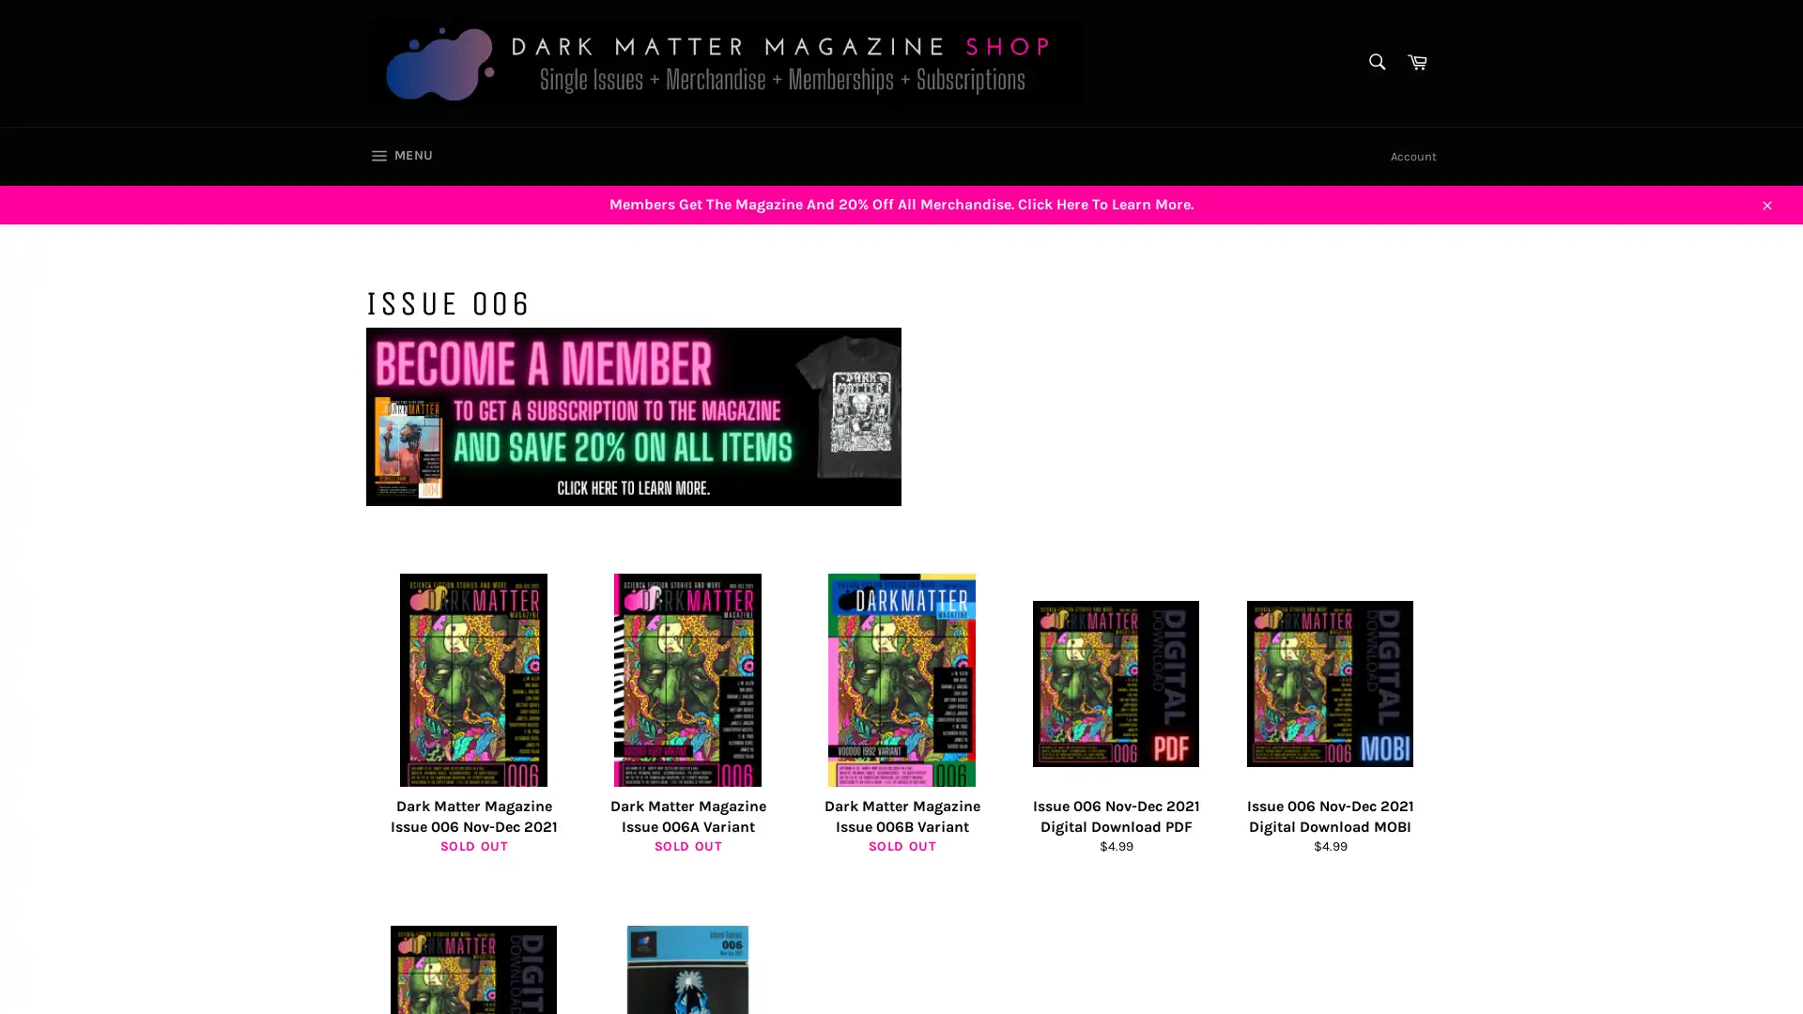 This screenshot has height=1014, width=1803. What do you see at coordinates (1764, 202) in the screenshot?
I see `Close` at bounding box center [1764, 202].